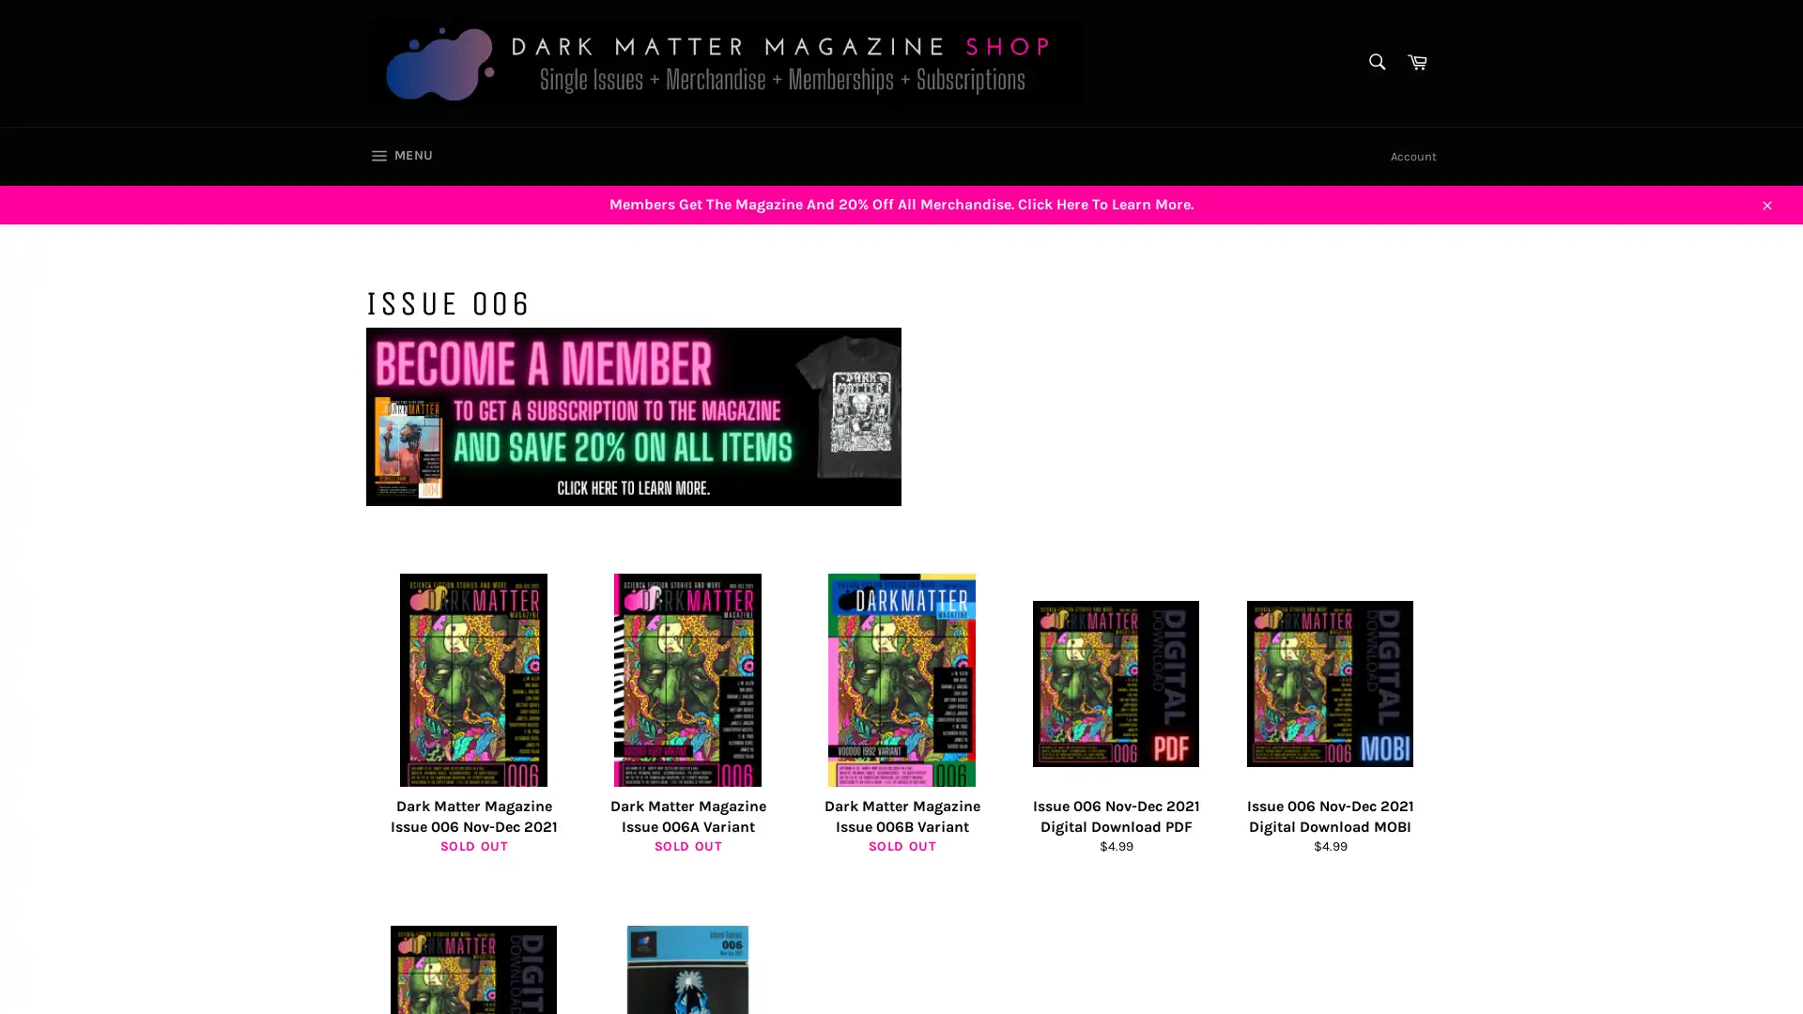 This screenshot has height=1014, width=1803. What do you see at coordinates (1764, 202) in the screenshot?
I see `Close` at bounding box center [1764, 202].